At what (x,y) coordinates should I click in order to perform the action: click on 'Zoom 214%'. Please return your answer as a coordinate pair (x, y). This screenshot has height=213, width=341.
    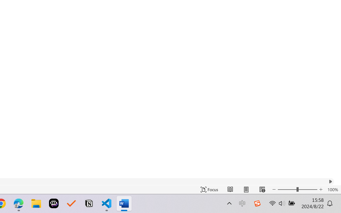
    Looking at the image, I should click on (328, 198).